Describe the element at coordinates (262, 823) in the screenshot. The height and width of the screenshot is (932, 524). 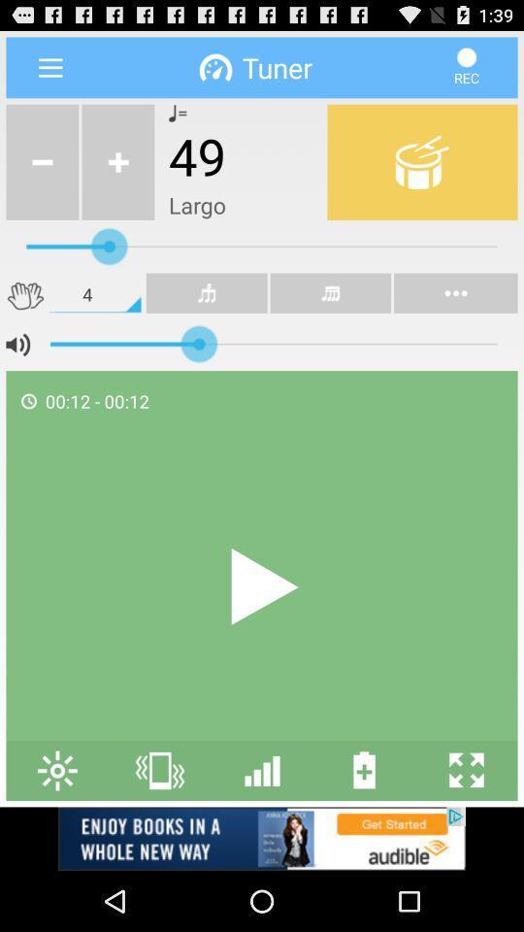
I see `the sliders icon` at that location.